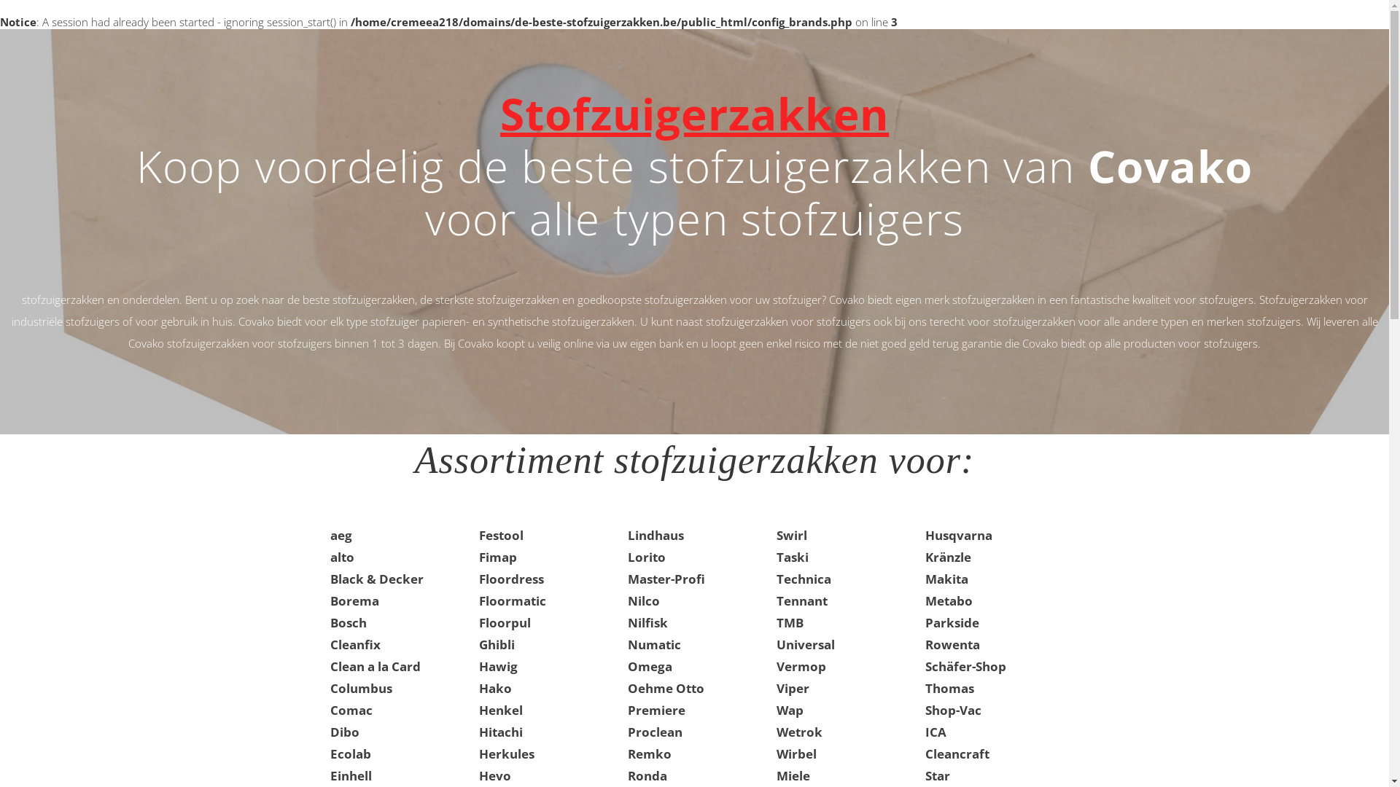 Image resolution: width=1400 pixels, height=787 pixels. What do you see at coordinates (350, 753) in the screenshot?
I see `'Ecolab'` at bounding box center [350, 753].